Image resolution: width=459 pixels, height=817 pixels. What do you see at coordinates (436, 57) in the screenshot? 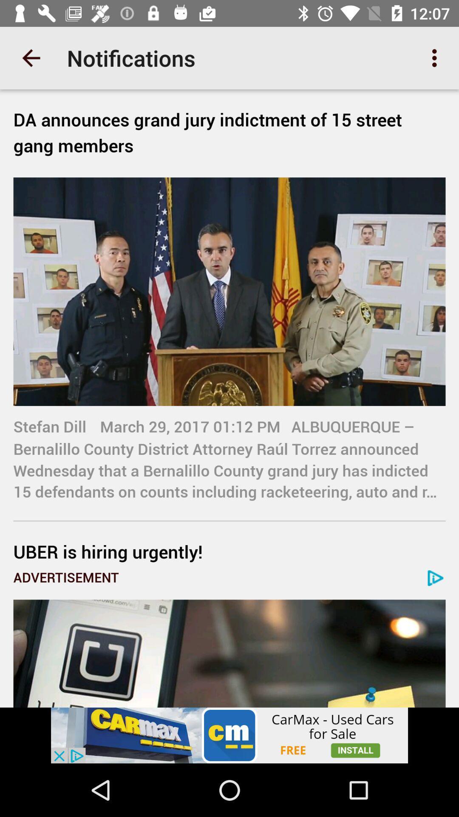
I see `the icon next to notifications` at bounding box center [436, 57].